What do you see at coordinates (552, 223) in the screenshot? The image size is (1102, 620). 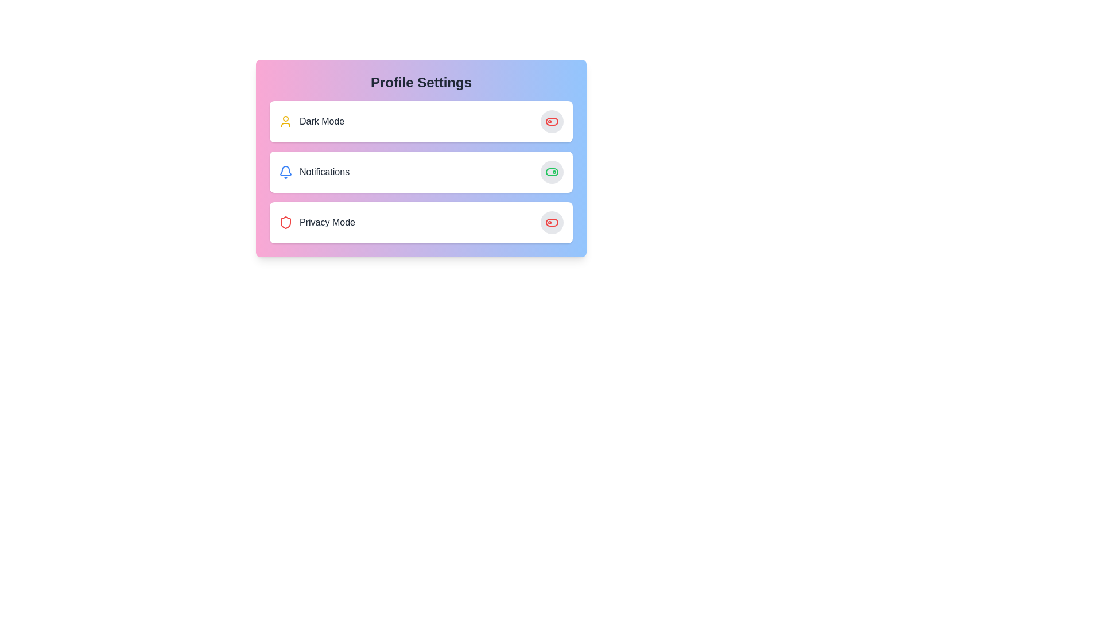 I see `the toggle button for the 'Privacy Mode' feature, located on the right side of the 'Privacy Mode' row in the 'Profile Settings' card layout` at bounding box center [552, 223].